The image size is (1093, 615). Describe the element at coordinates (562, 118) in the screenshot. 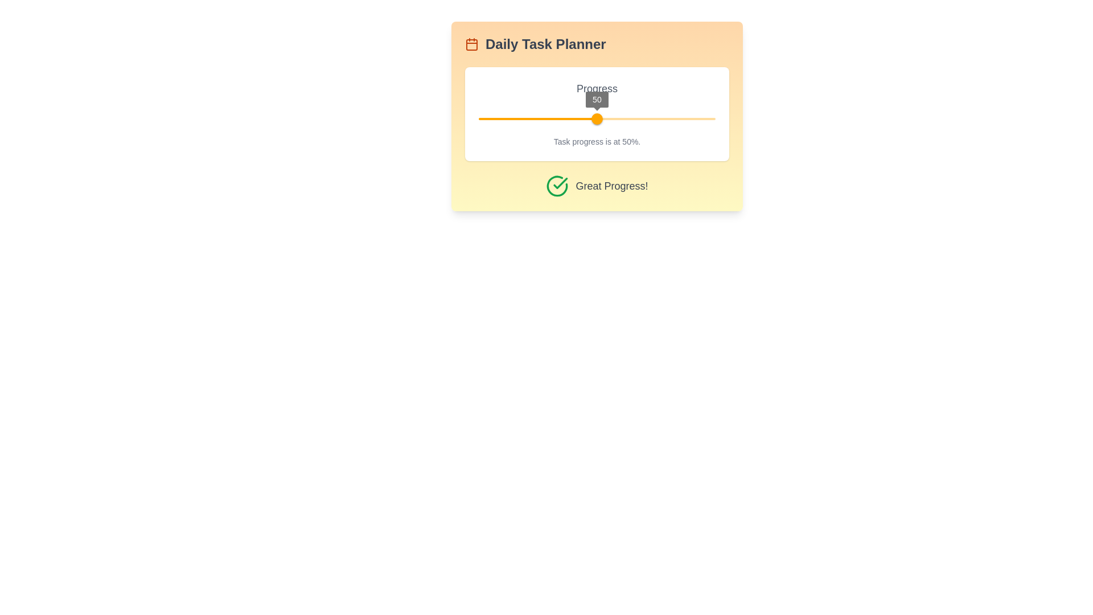

I see `the progress value` at that location.